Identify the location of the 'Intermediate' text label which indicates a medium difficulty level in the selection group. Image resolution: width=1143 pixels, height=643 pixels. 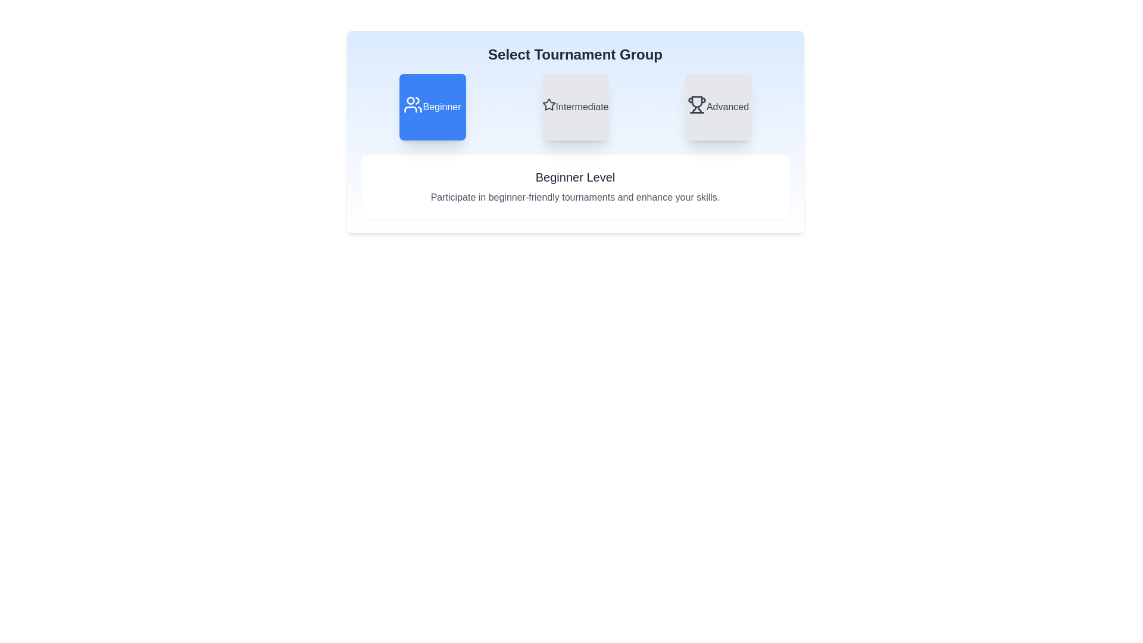
(582, 107).